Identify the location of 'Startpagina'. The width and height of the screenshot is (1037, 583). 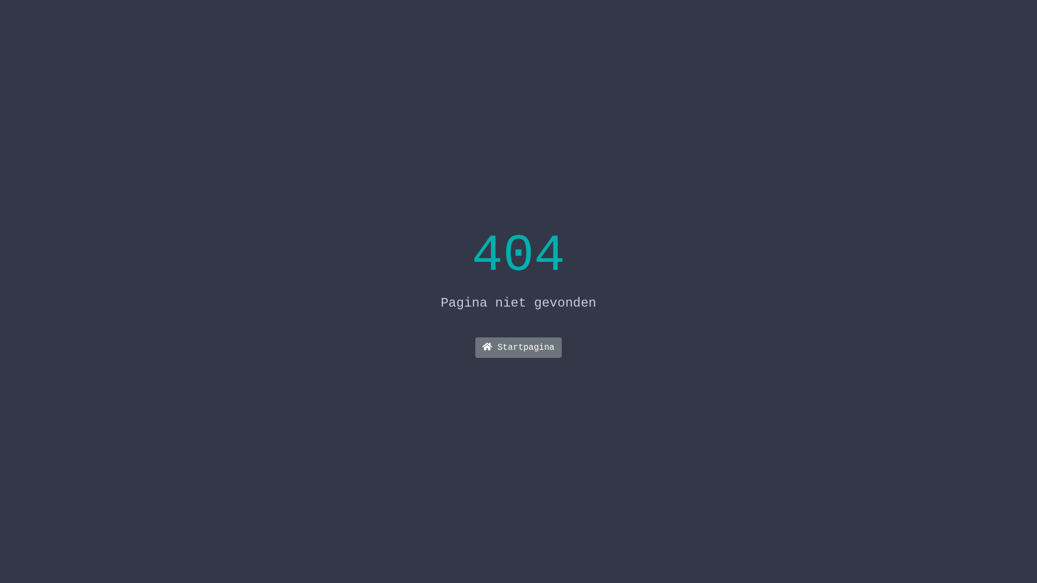
(475, 348).